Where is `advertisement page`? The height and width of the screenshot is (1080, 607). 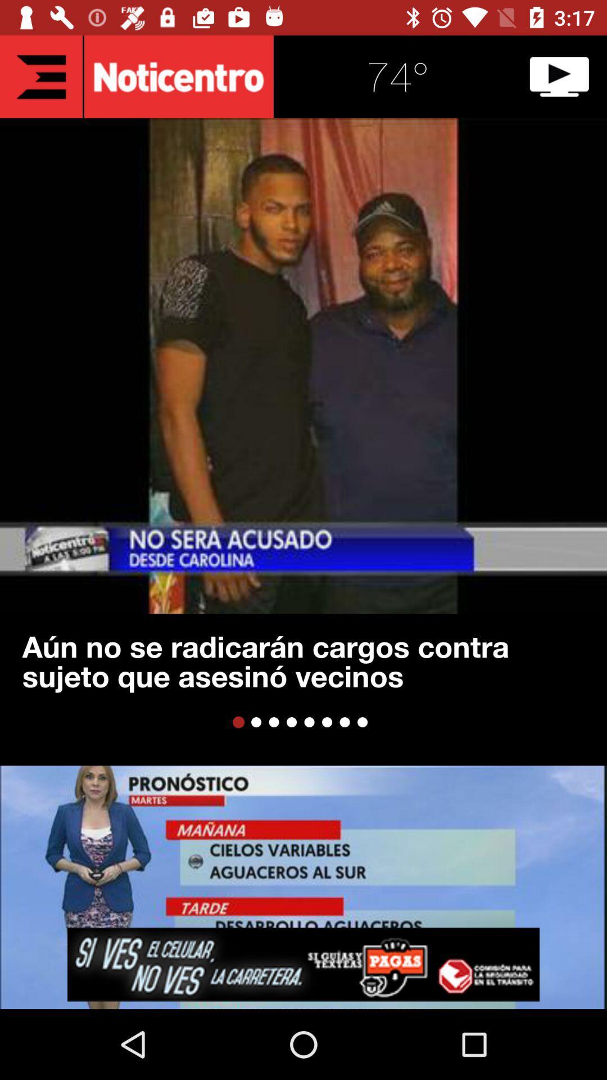 advertisement page is located at coordinates (303, 964).